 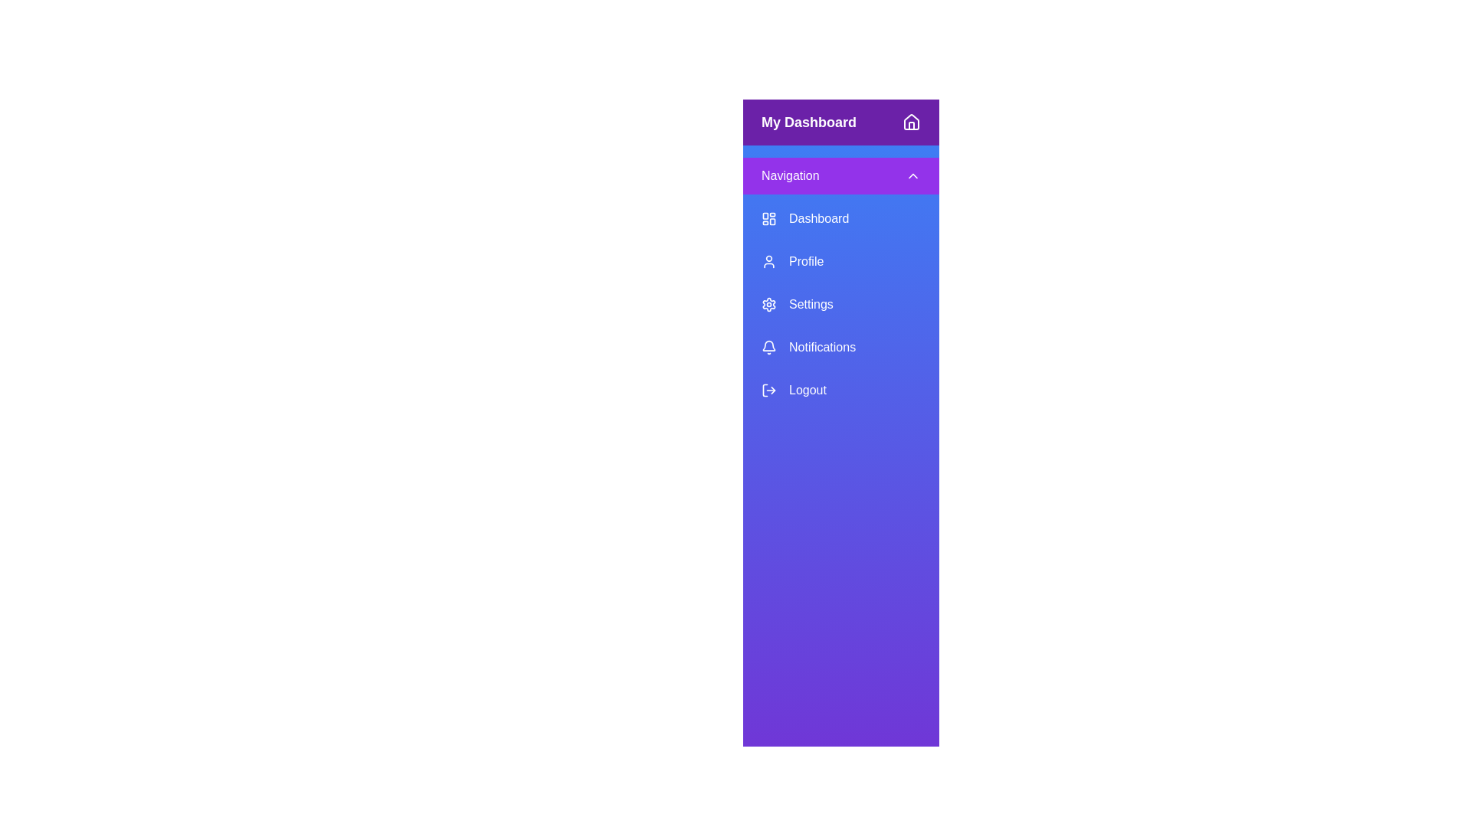 I want to click on the 'My Dashboard' title element located at the top of the sidebar navigation layout, so click(x=840, y=121).